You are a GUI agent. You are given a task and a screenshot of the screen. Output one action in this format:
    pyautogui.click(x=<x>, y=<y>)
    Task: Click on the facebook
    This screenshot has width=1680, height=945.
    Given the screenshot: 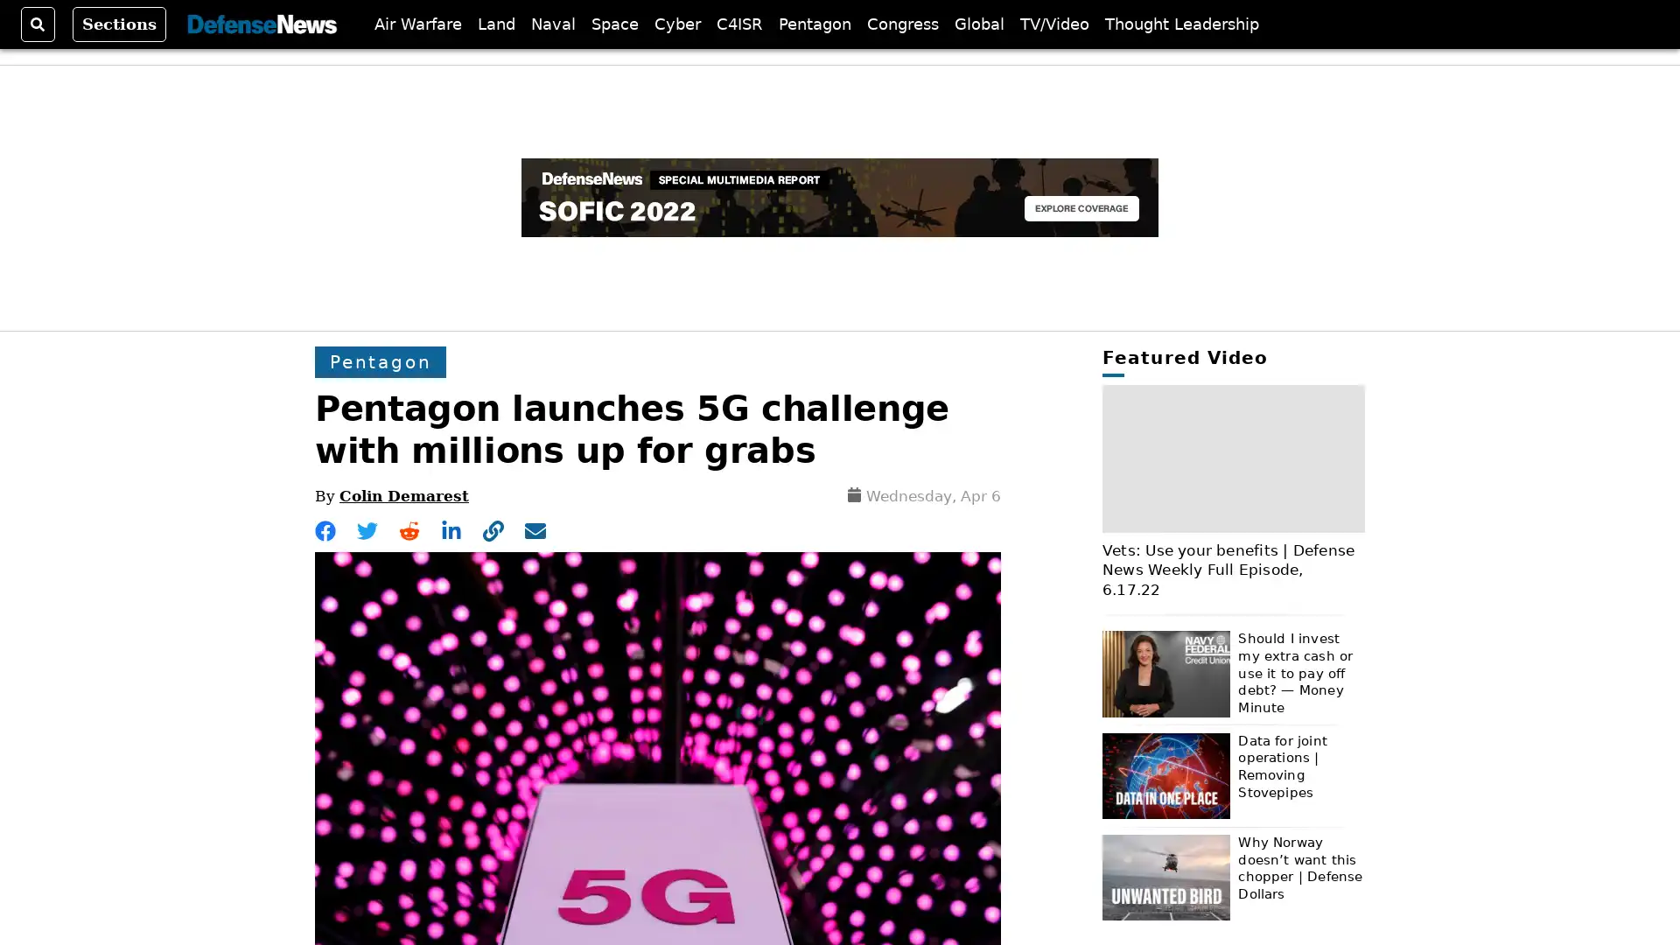 What is the action you would take?
    pyautogui.click(x=325, y=529)
    